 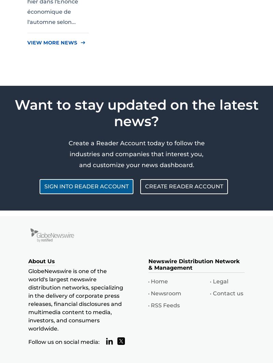 What do you see at coordinates (44, 186) in the screenshot?
I see `'SIGN INTO READER ACCOUNT'` at bounding box center [44, 186].